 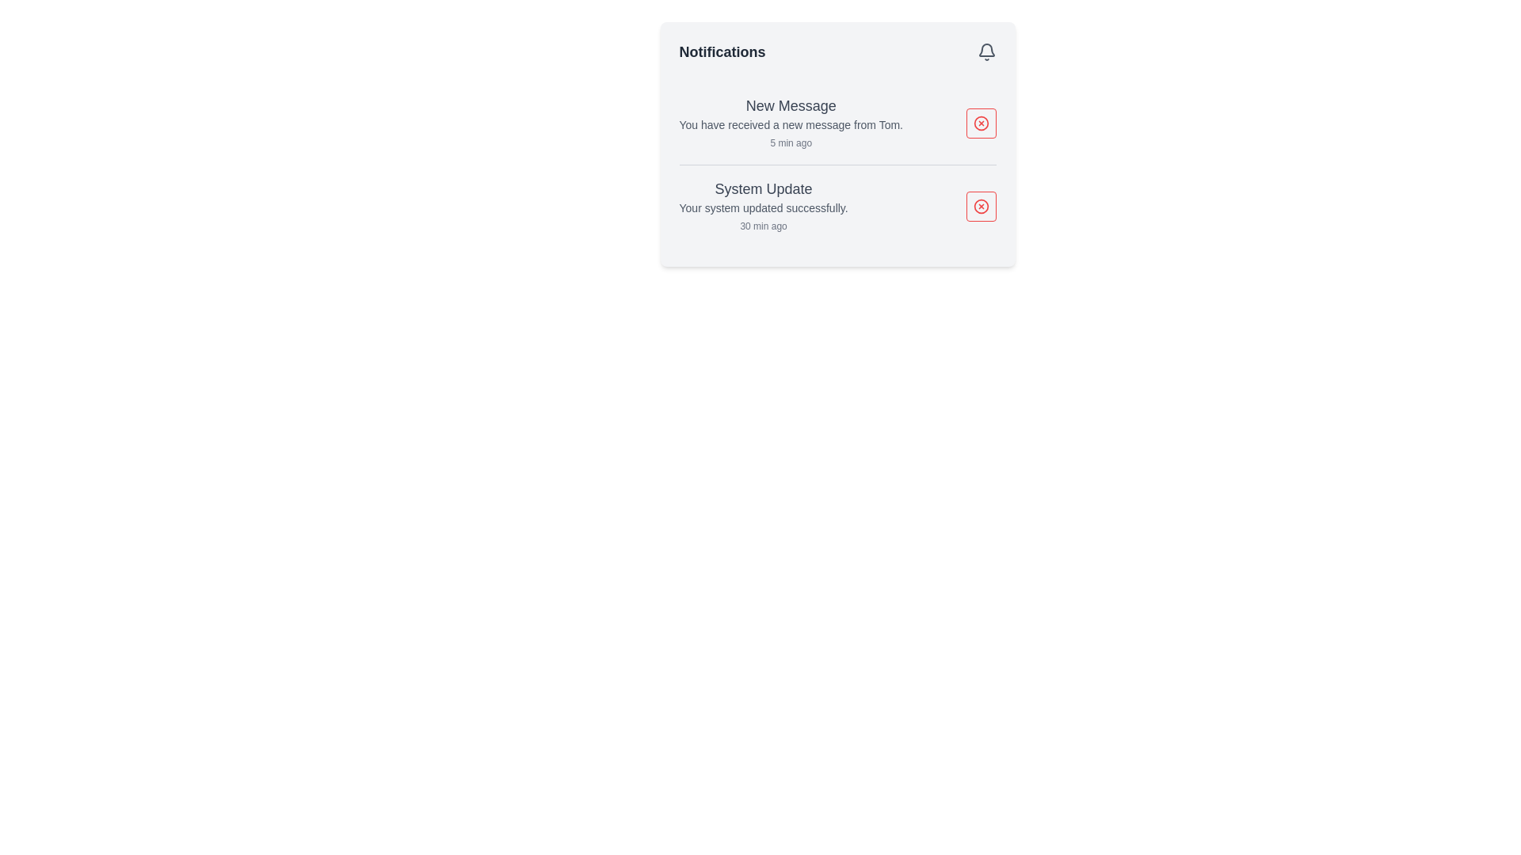 I want to click on the 'New Message' text label, which is prominently displayed in a bold, larger font style with gray color, located at the top-center of the notification overlay panel, so click(x=791, y=106).